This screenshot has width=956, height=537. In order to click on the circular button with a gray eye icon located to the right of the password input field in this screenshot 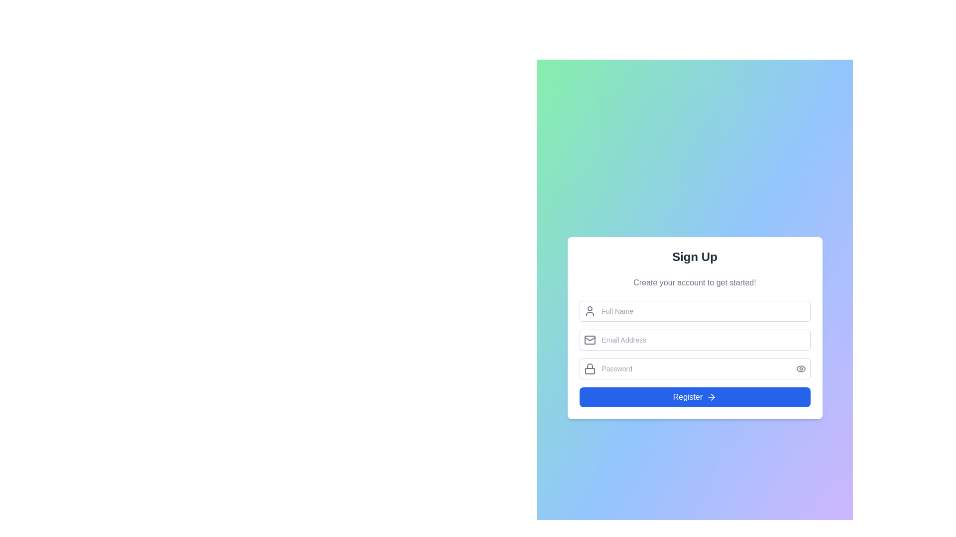, I will do `click(801, 368)`.